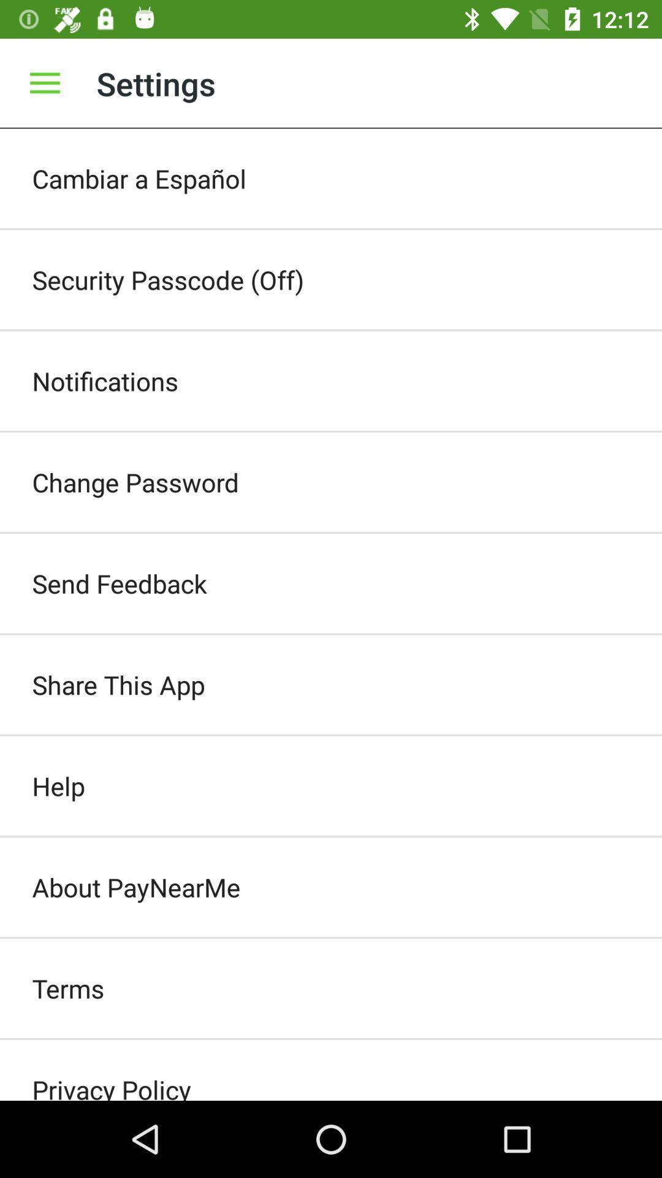 The image size is (662, 1178). What do you see at coordinates (331, 988) in the screenshot?
I see `the item below about paynearme` at bounding box center [331, 988].